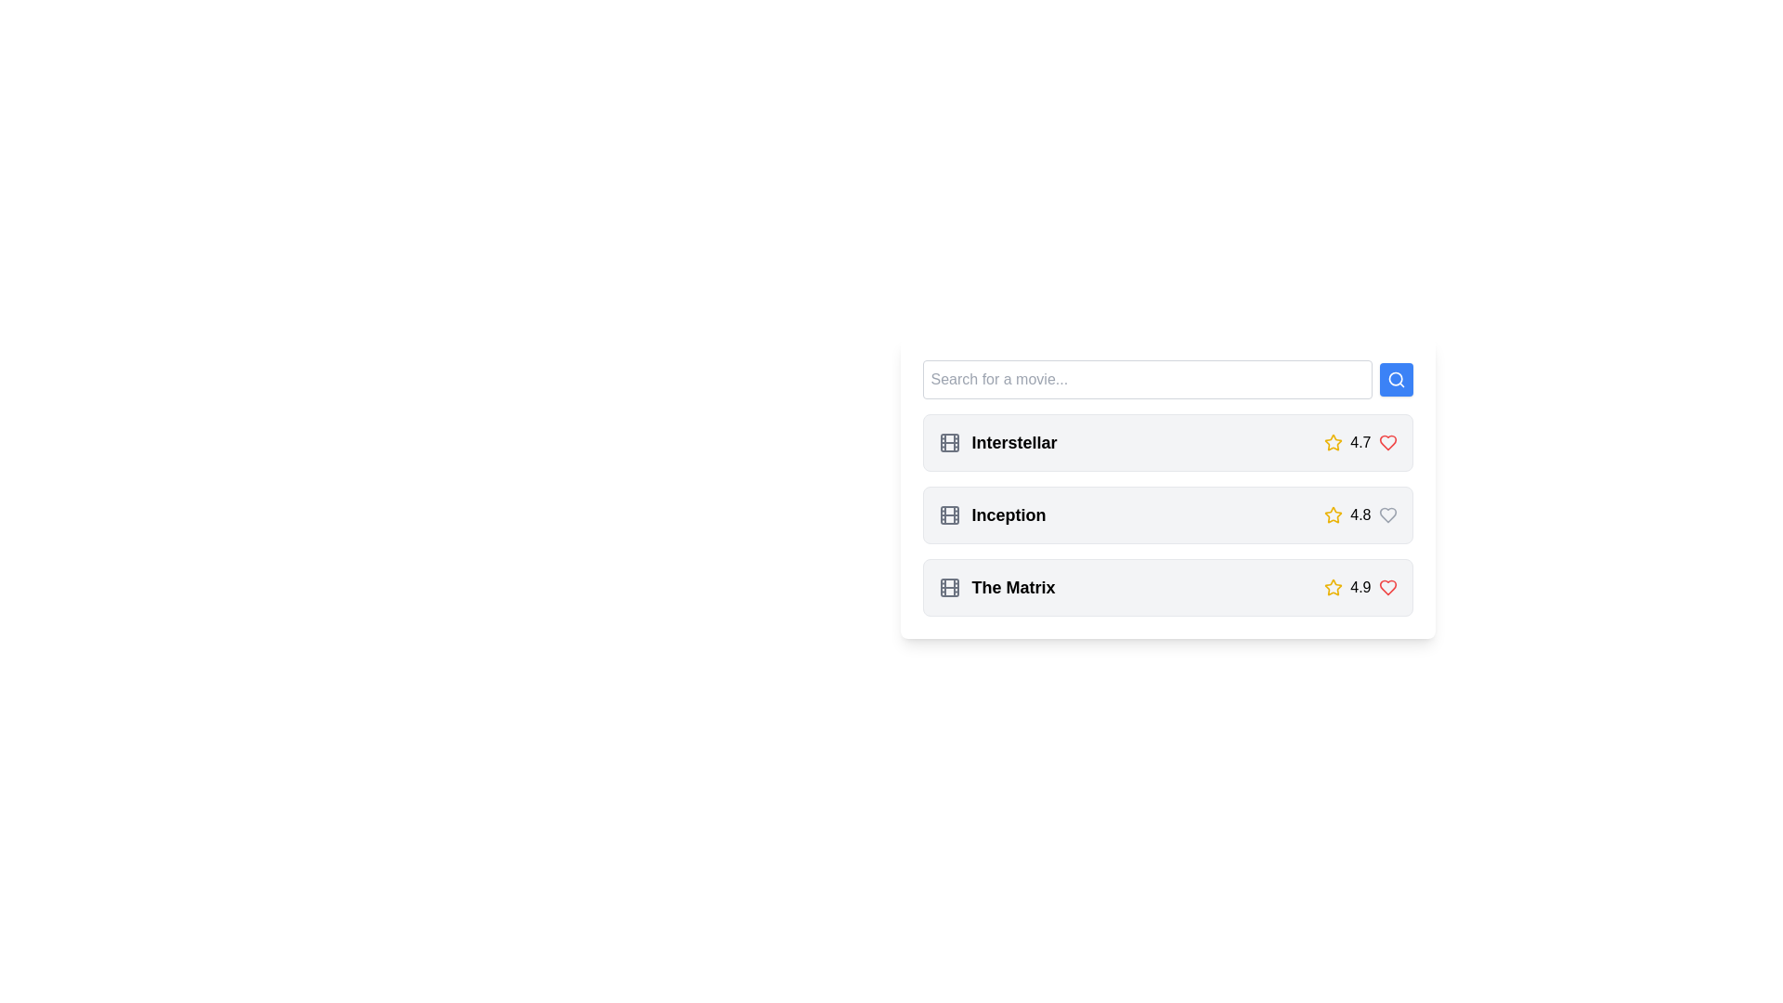 The height and width of the screenshot is (1003, 1783). What do you see at coordinates (996, 443) in the screenshot?
I see `the text label with an icon for the movie 'Interstellar', which is the first entry in a vertical list of movies within a card styled with rounded corners and a light gray background` at bounding box center [996, 443].